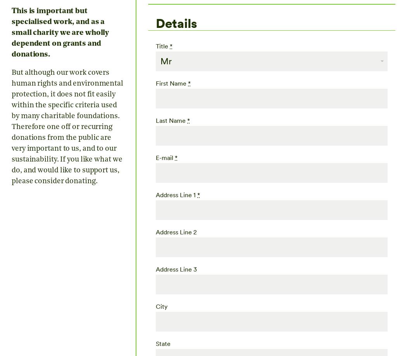 The height and width of the screenshot is (356, 407). Describe the element at coordinates (165, 157) in the screenshot. I see `'E-mail'` at that location.